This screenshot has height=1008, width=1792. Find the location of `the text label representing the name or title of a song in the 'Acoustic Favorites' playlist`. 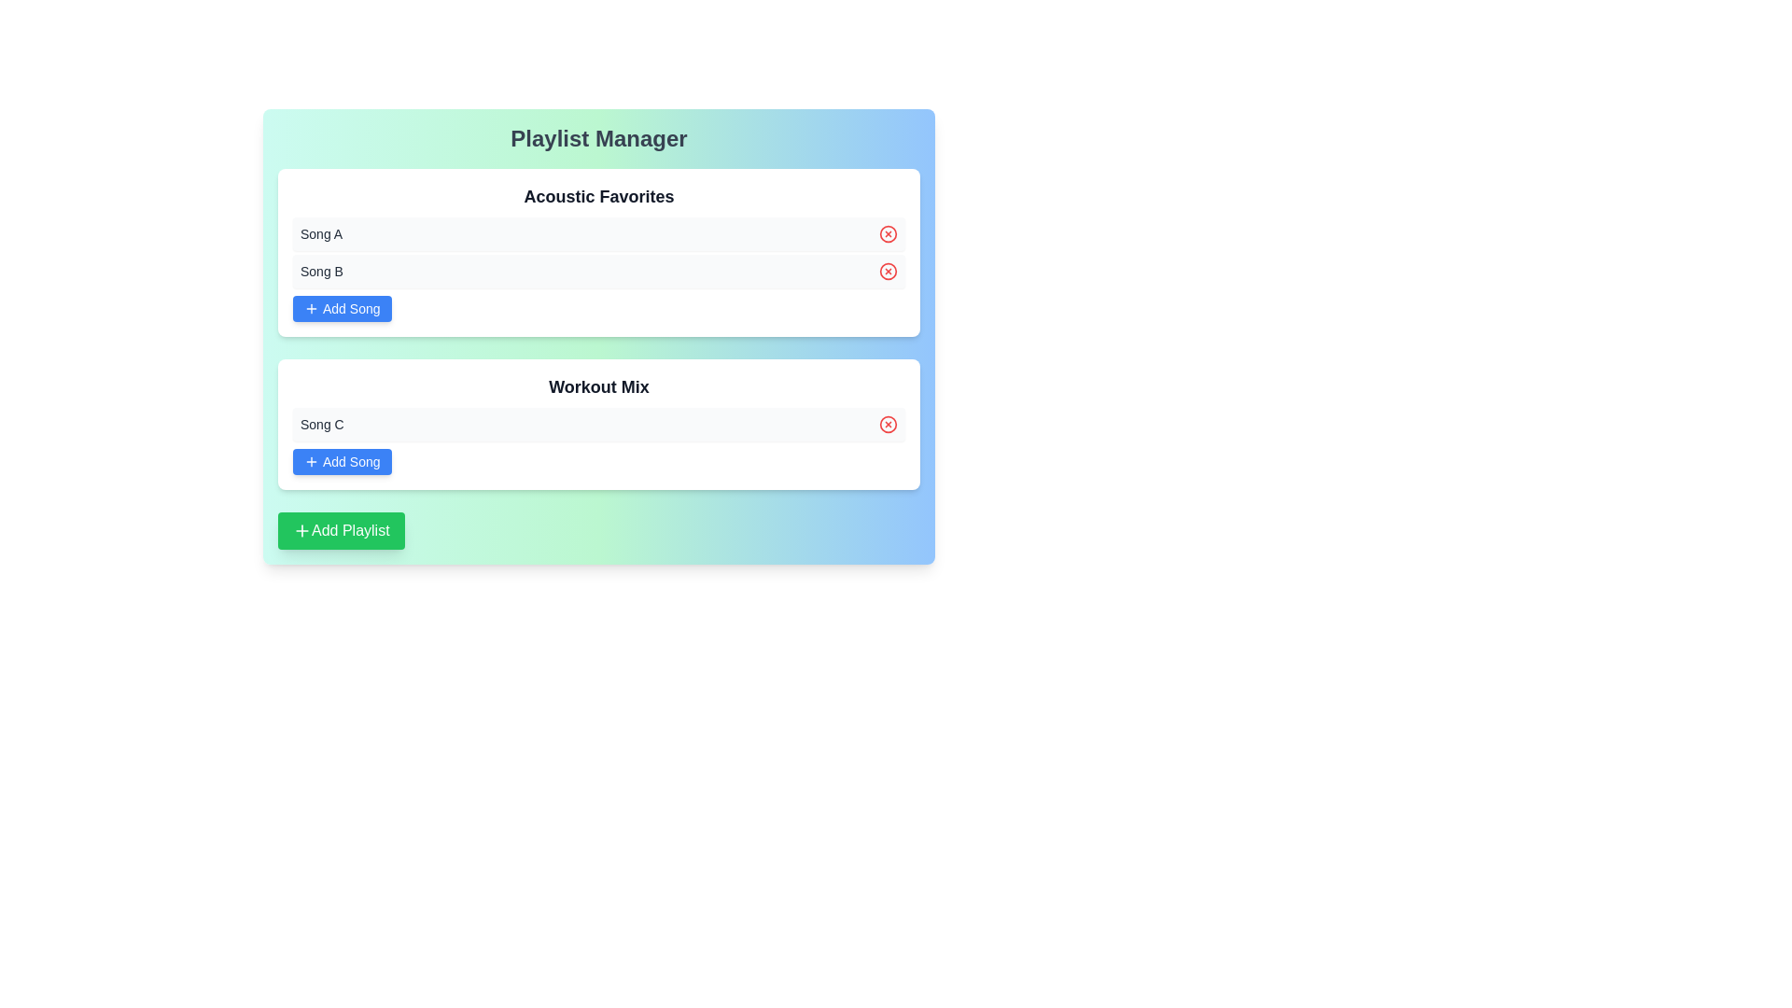

the text label representing the name or title of a song in the 'Acoustic Favorites' playlist is located at coordinates (321, 232).